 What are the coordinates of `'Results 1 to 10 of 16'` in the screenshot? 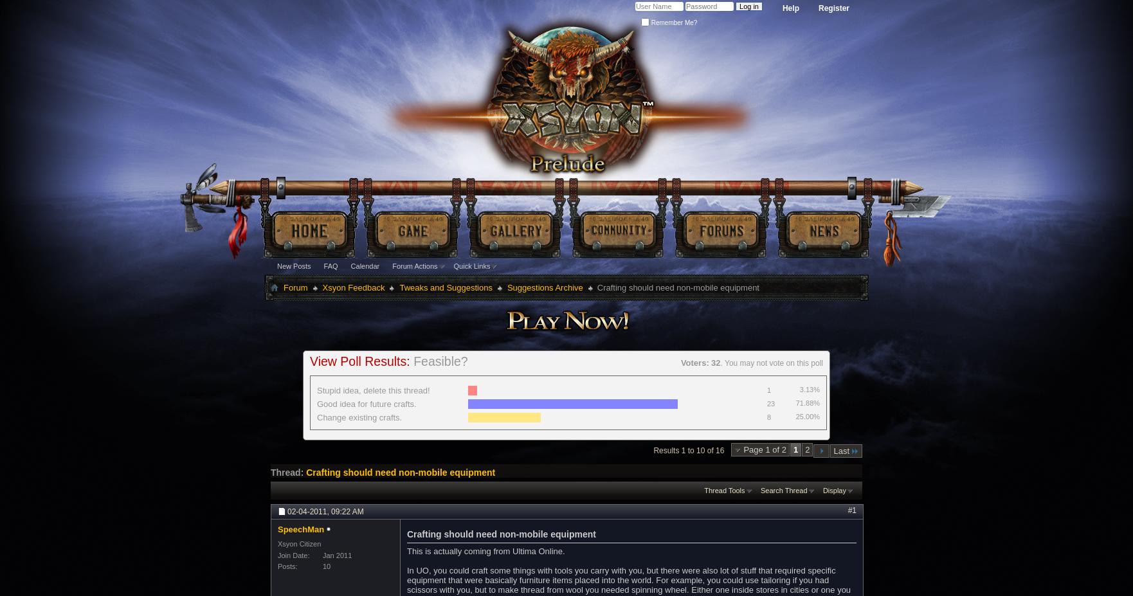 It's located at (688, 449).